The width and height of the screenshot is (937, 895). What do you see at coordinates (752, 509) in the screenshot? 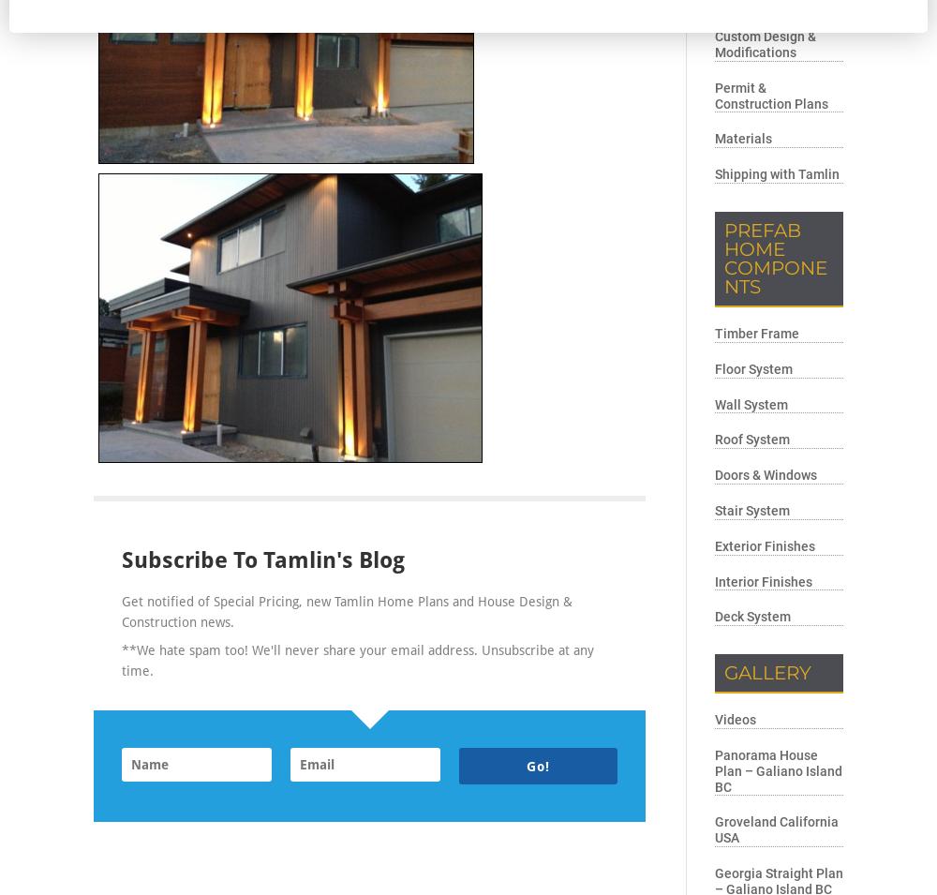
I see `'Stair System'` at bounding box center [752, 509].